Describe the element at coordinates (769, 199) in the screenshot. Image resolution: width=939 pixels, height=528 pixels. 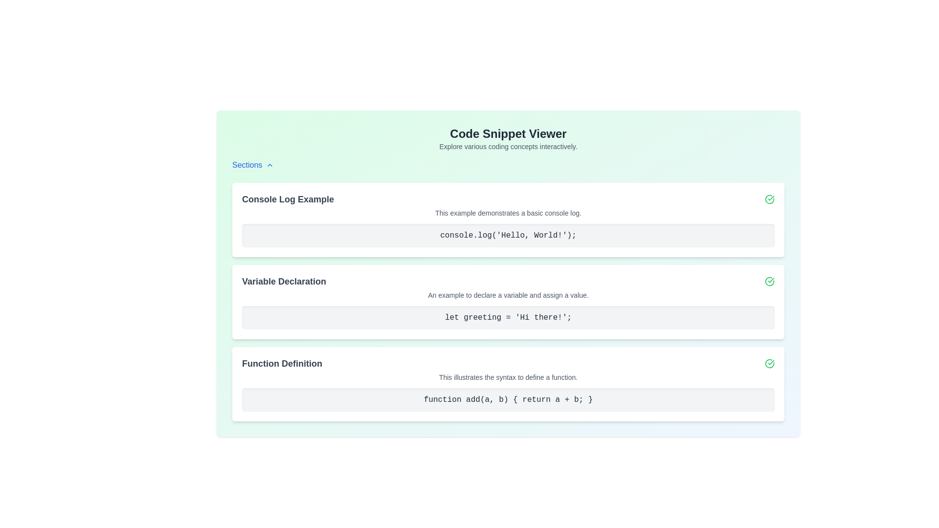
I see `the circular green checkmark icon that indicates a successful status, located to the far right of the row displaying 'Console Log Example'` at that location.